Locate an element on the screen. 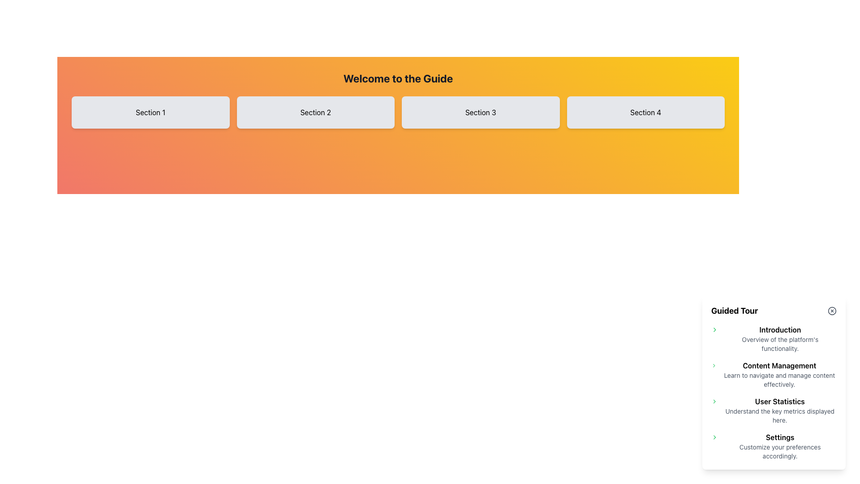  the chevron arrow icon located to the immediate left of the 'Settings' text is located at coordinates (714, 436).